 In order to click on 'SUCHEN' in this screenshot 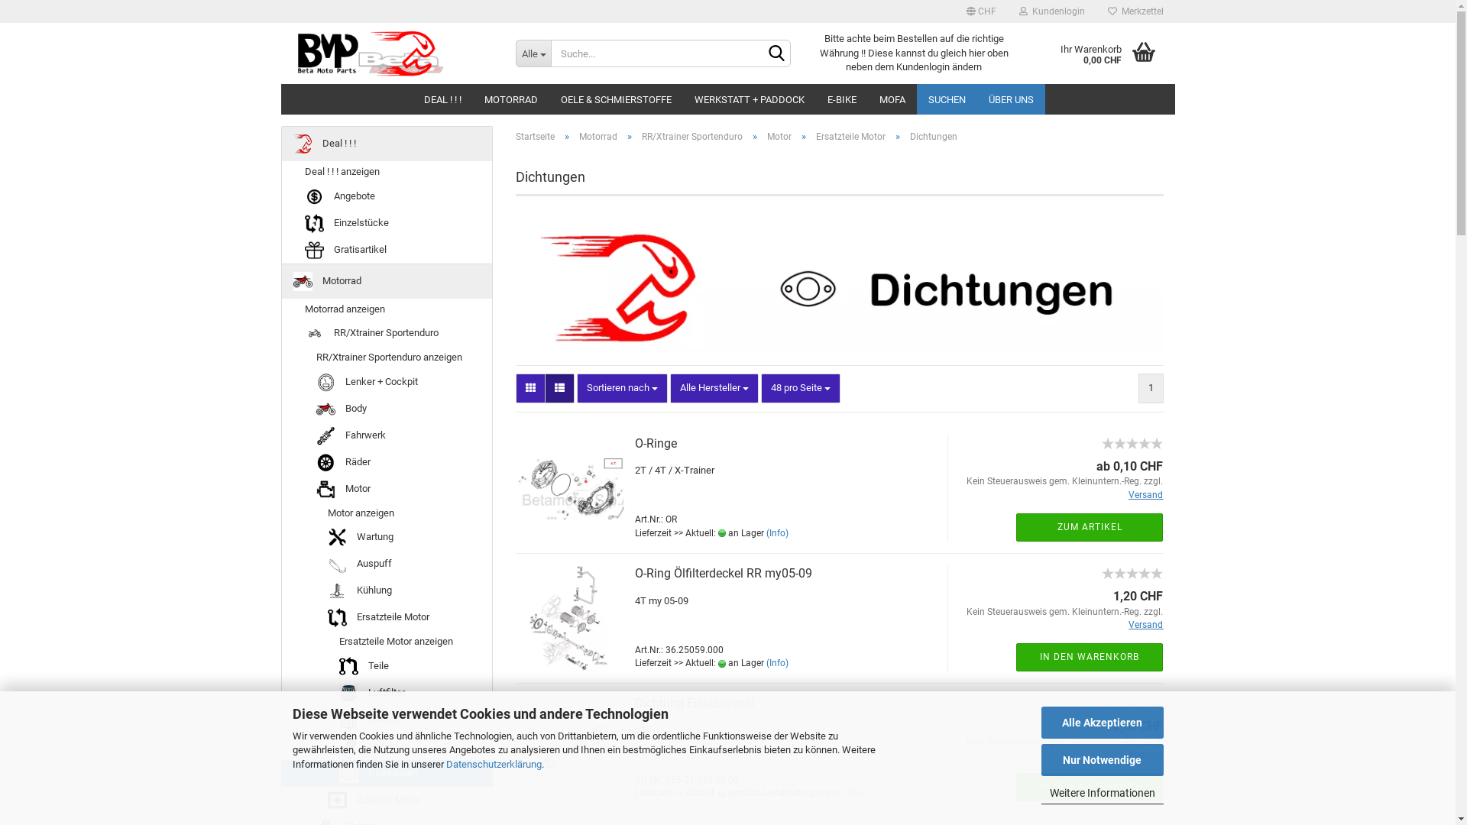, I will do `click(946, 99)`.